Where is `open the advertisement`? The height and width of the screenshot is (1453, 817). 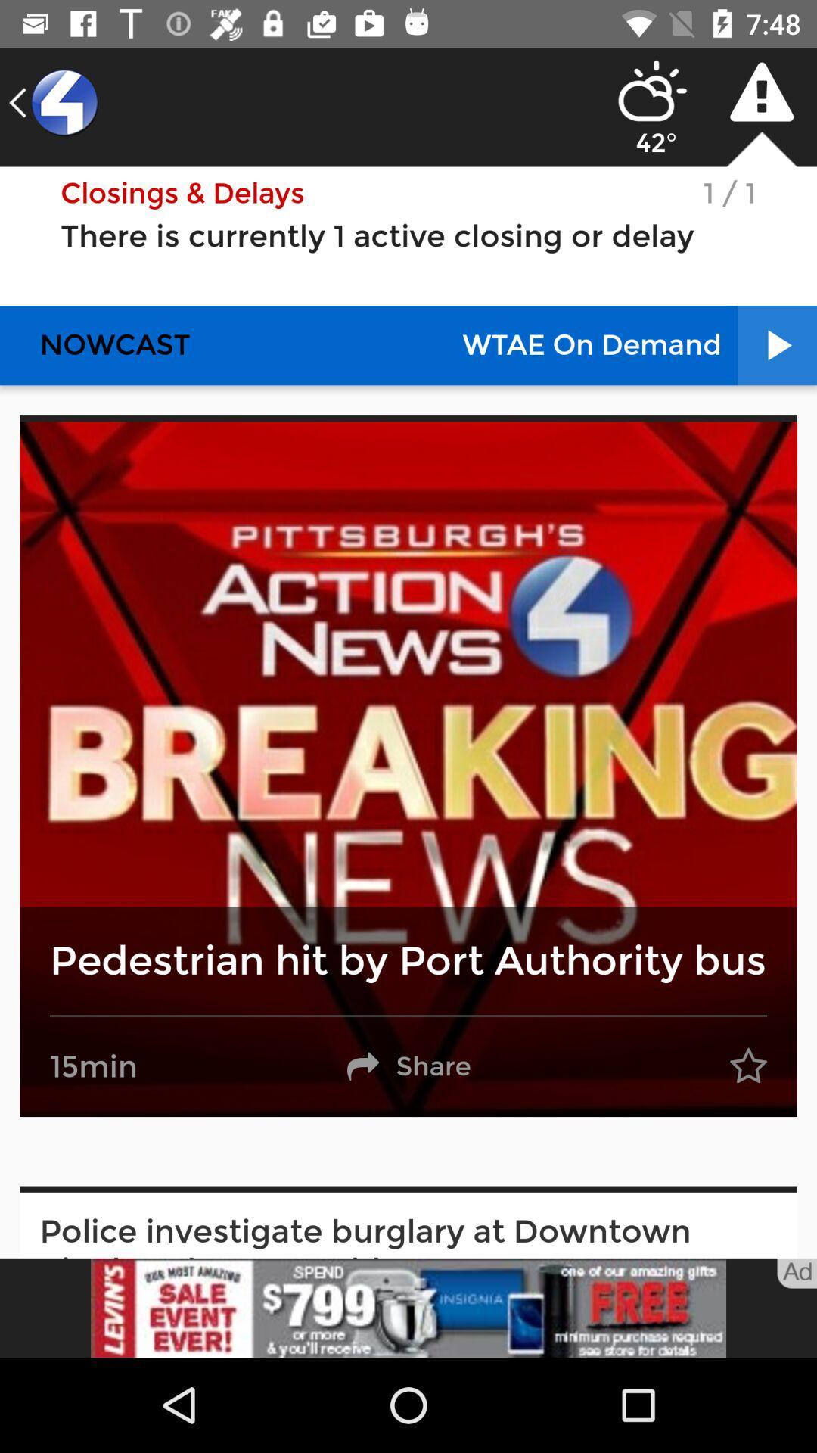 open the advertisement is located at coordinates (408, 1307).